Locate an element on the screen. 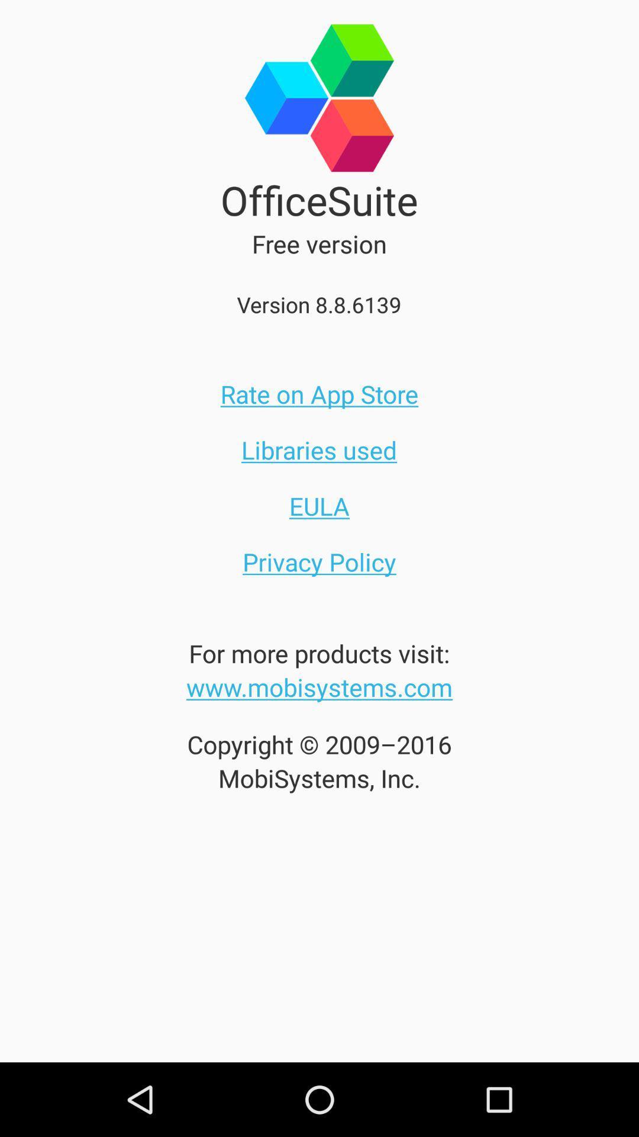 This screenshot has width=639, height=1137. the icon above officesuite icon is located at coordinates (319, 85).